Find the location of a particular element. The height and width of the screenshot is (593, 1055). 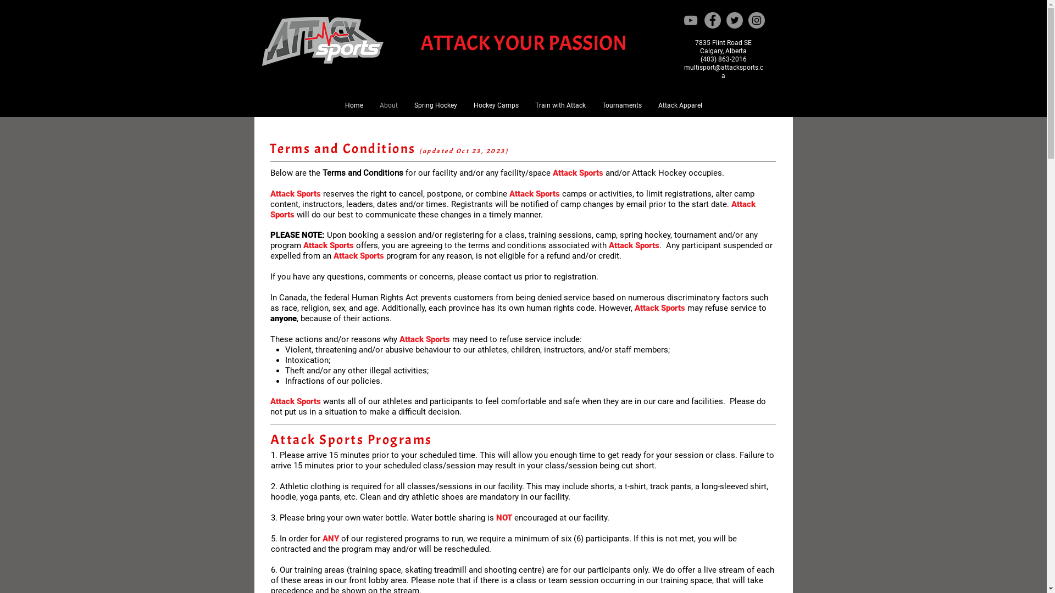

'Home' is located at coordinates (353, 105).